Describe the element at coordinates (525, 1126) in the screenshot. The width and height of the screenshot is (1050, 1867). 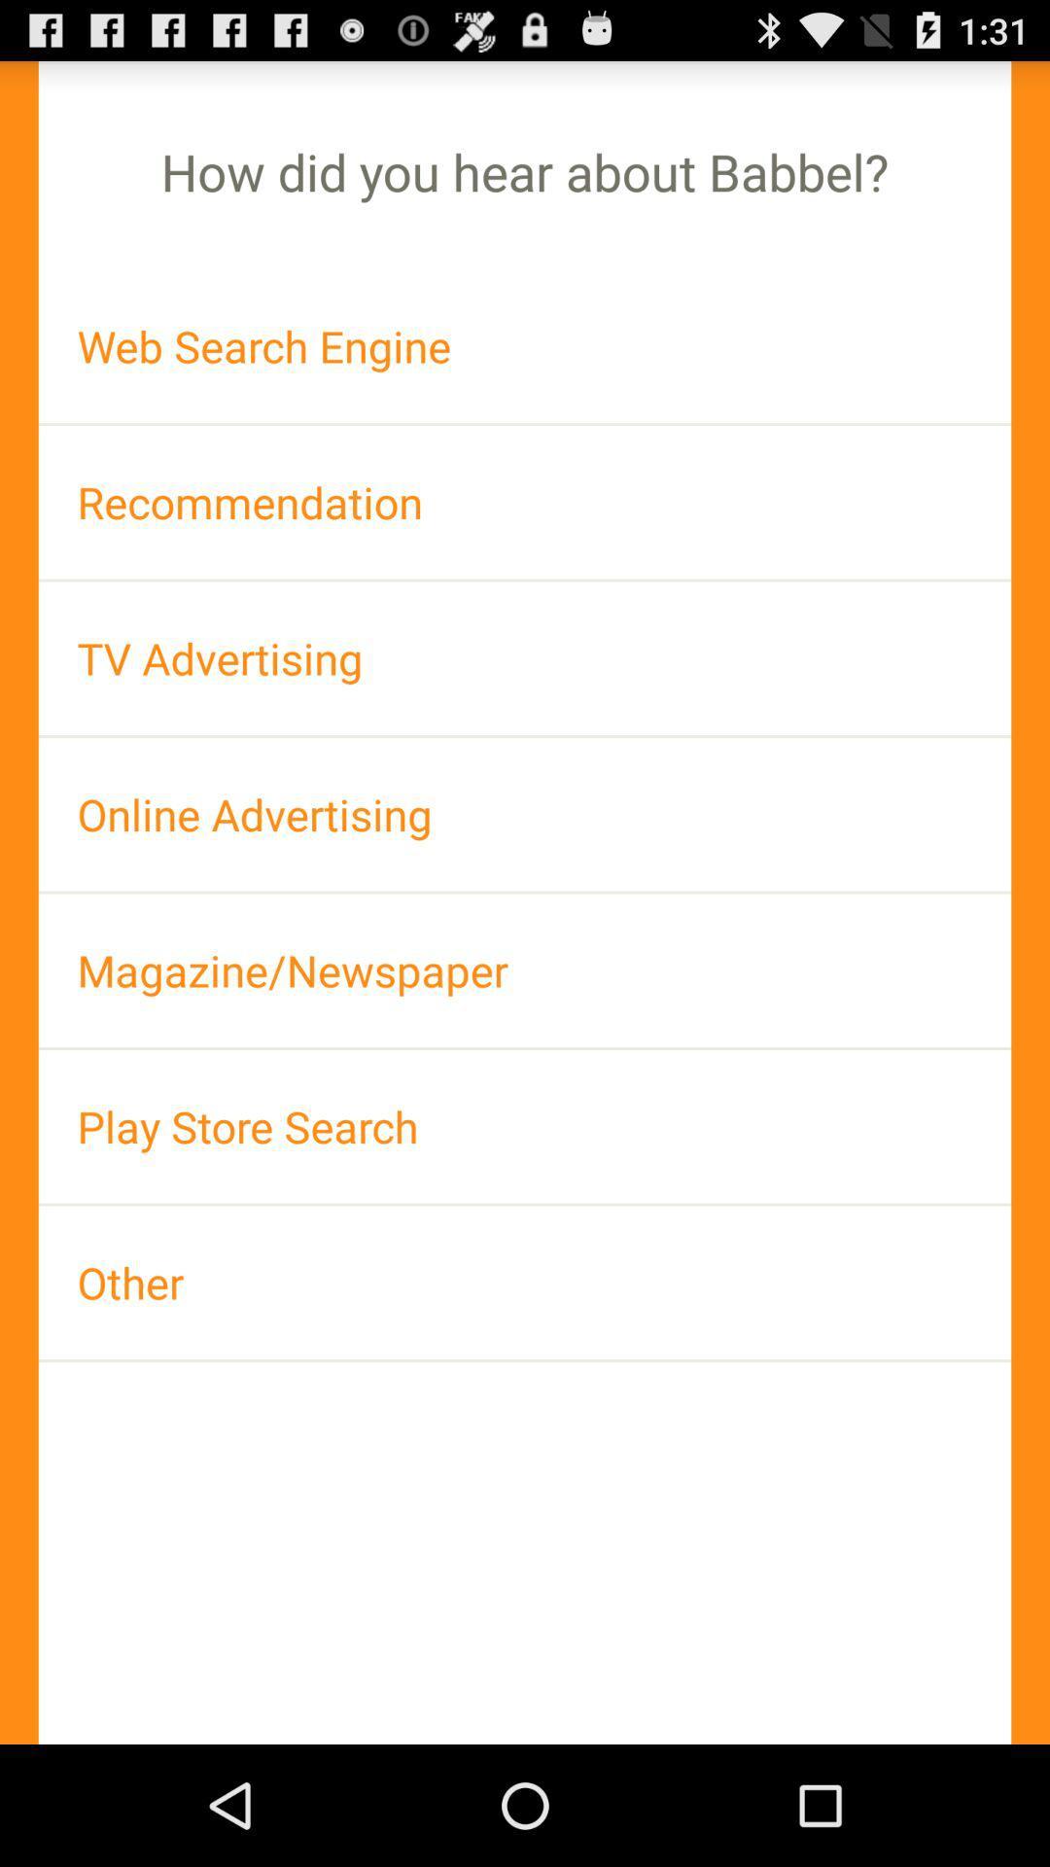
I see `the icon above the other item` at that location.